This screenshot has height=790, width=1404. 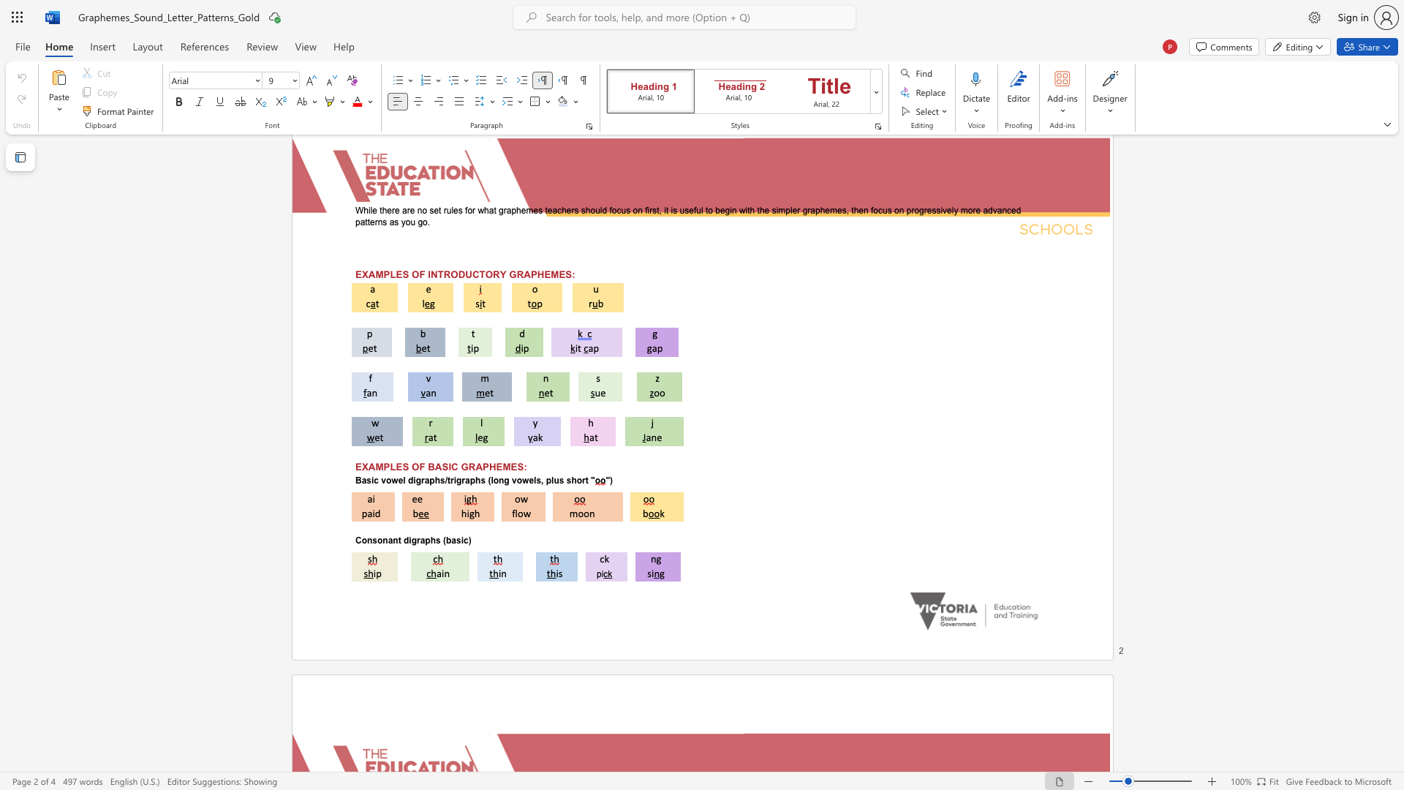 I want to click on the subset text "long" within the text "Basic vowel digraphs/trigraphs (long vowels, plus short", so click(x=491, y=481).